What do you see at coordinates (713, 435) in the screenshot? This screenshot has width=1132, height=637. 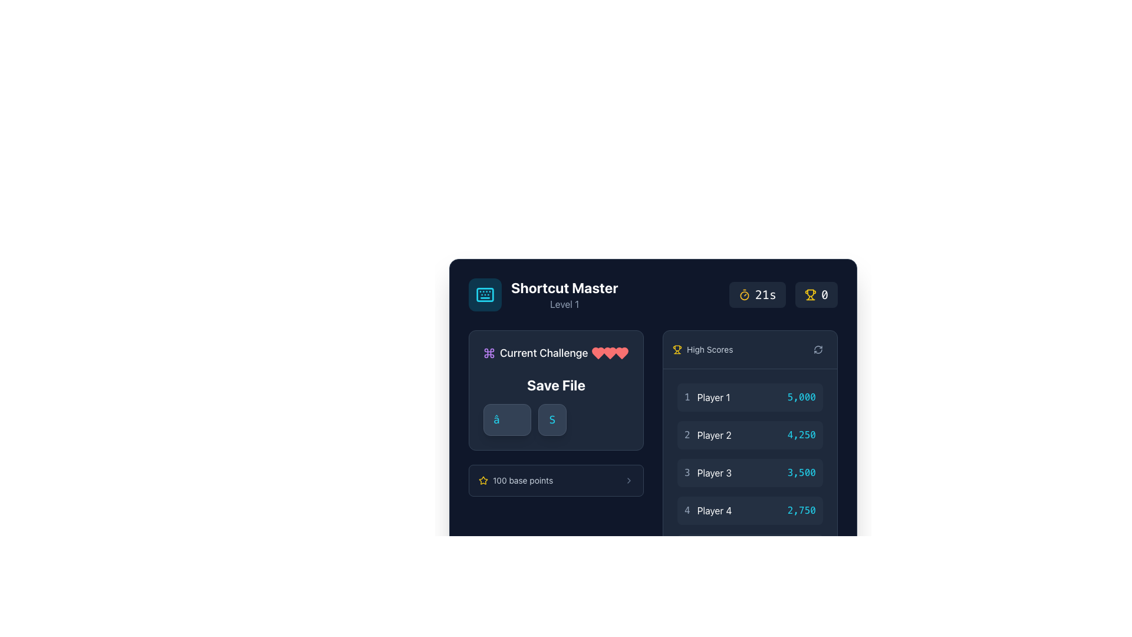 I see `the text label displaying 'Player 2' in white color, located in the High Scores section of the dark-themed UI panel` at bounding box center [713, 435].